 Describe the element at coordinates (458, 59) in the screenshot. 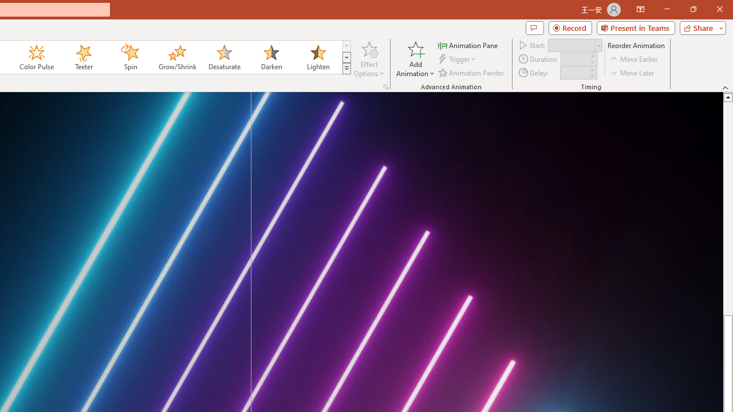

I see `'Trigger'` at that location.